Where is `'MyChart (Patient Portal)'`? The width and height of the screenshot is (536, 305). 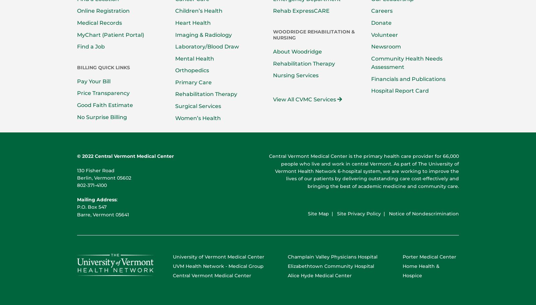
'MyChart (Patient Portal)' is located at coordinates (110, 34).